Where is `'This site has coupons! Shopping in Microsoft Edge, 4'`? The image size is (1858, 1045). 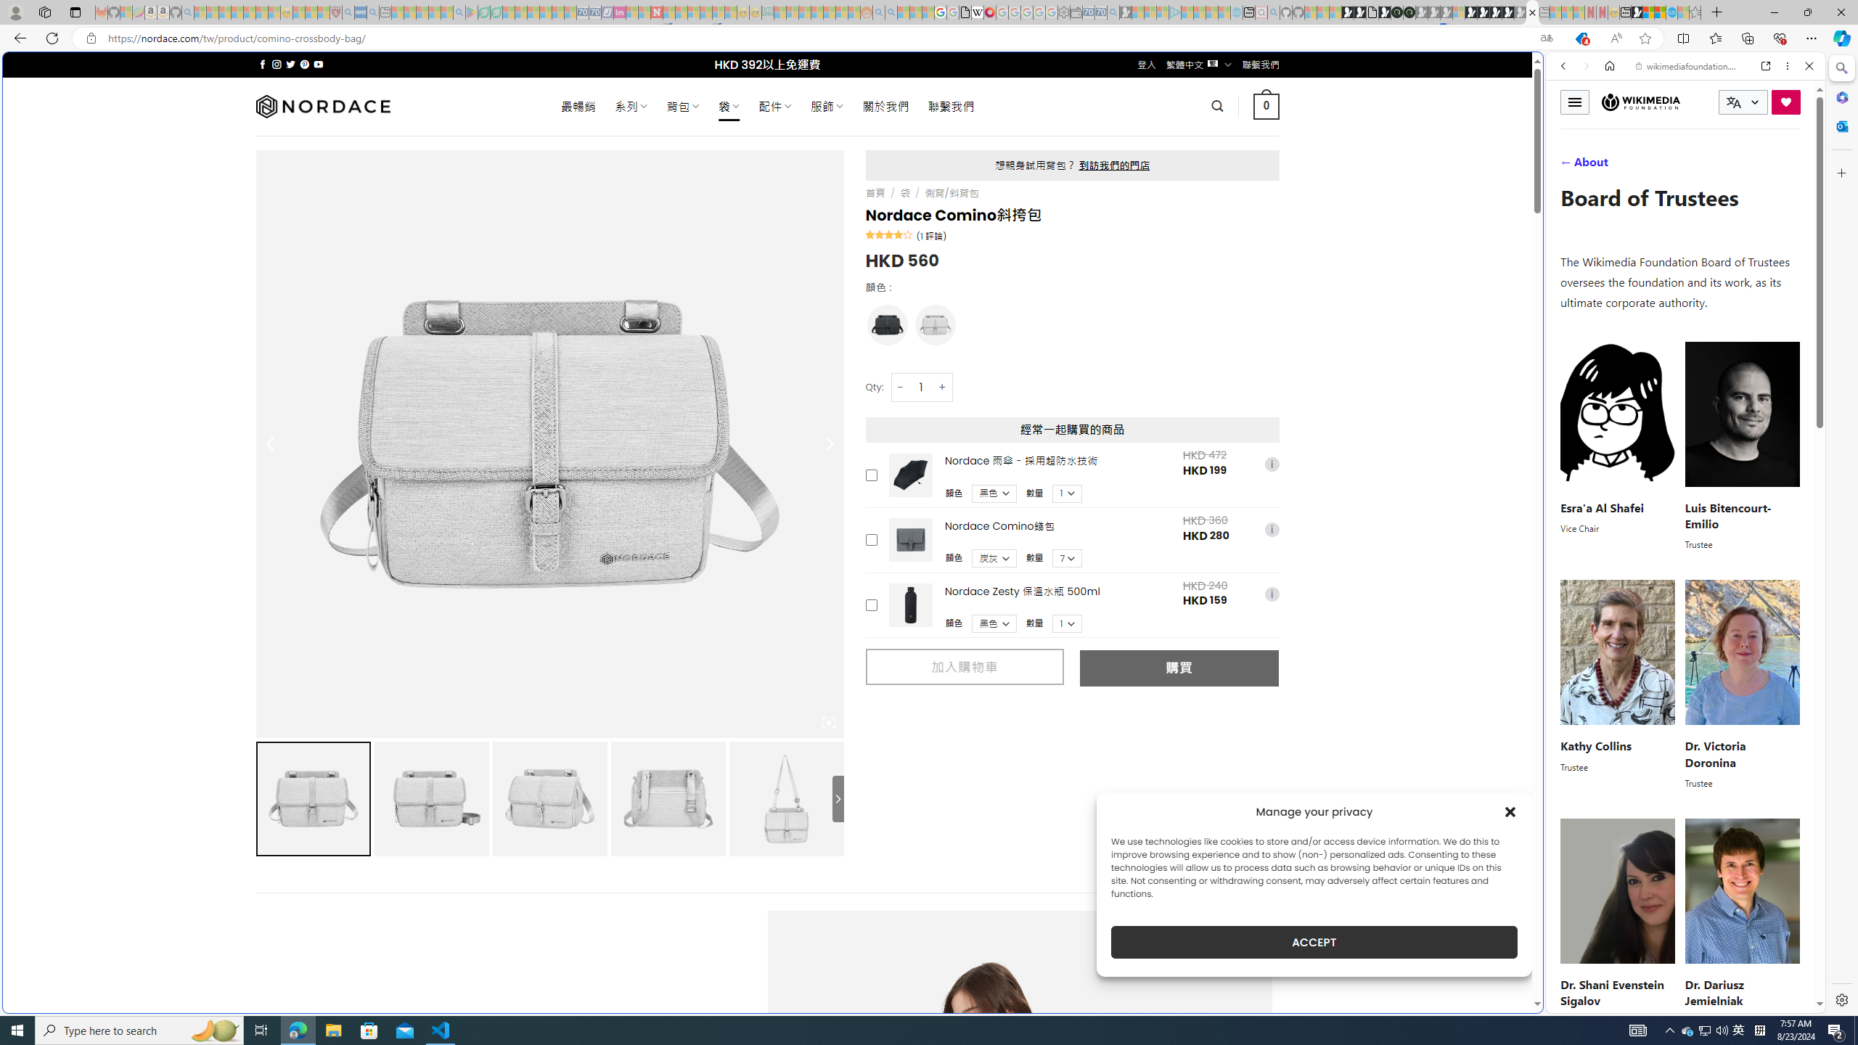 'This site has coupons! Shopping in Microsoft Edge, 4' is located at coordinates (1580, 38).